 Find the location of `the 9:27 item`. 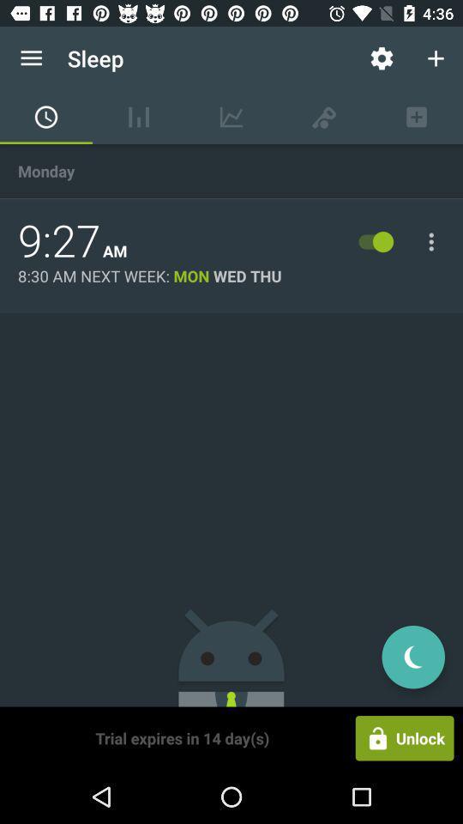

the 9:27 item is located at coordinates (58, 240).